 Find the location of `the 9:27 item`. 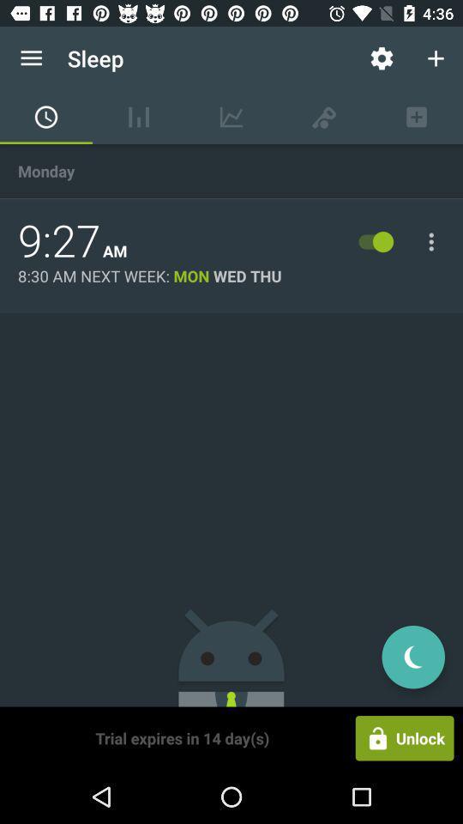

the 9:27 item is located at coordinates (58, 240).